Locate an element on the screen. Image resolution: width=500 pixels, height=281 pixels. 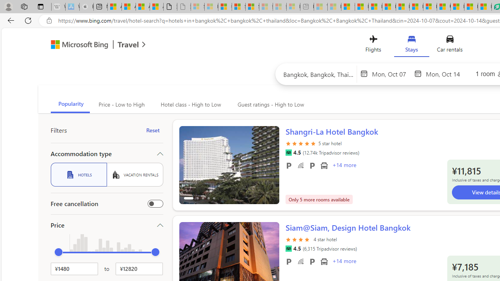
'Aberdeen, Hong Kong SAR weather forecast | Microsoft Weather' is located at coordinates (129, 7).